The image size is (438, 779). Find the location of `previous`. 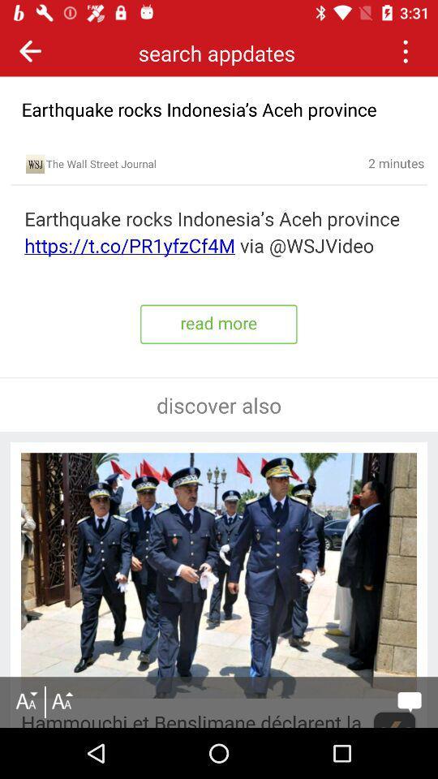

previous is located at coordinates (30, 50).